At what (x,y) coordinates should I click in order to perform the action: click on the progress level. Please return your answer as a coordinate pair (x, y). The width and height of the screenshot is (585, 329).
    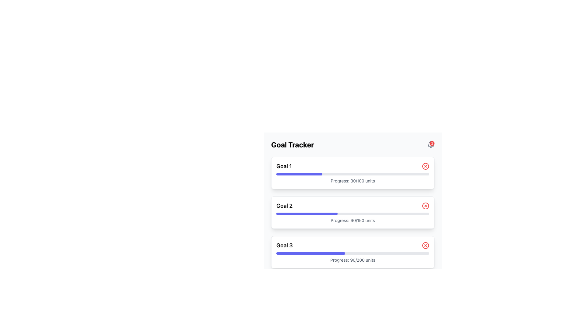
    Looking at the image, I should click on (314, 214).